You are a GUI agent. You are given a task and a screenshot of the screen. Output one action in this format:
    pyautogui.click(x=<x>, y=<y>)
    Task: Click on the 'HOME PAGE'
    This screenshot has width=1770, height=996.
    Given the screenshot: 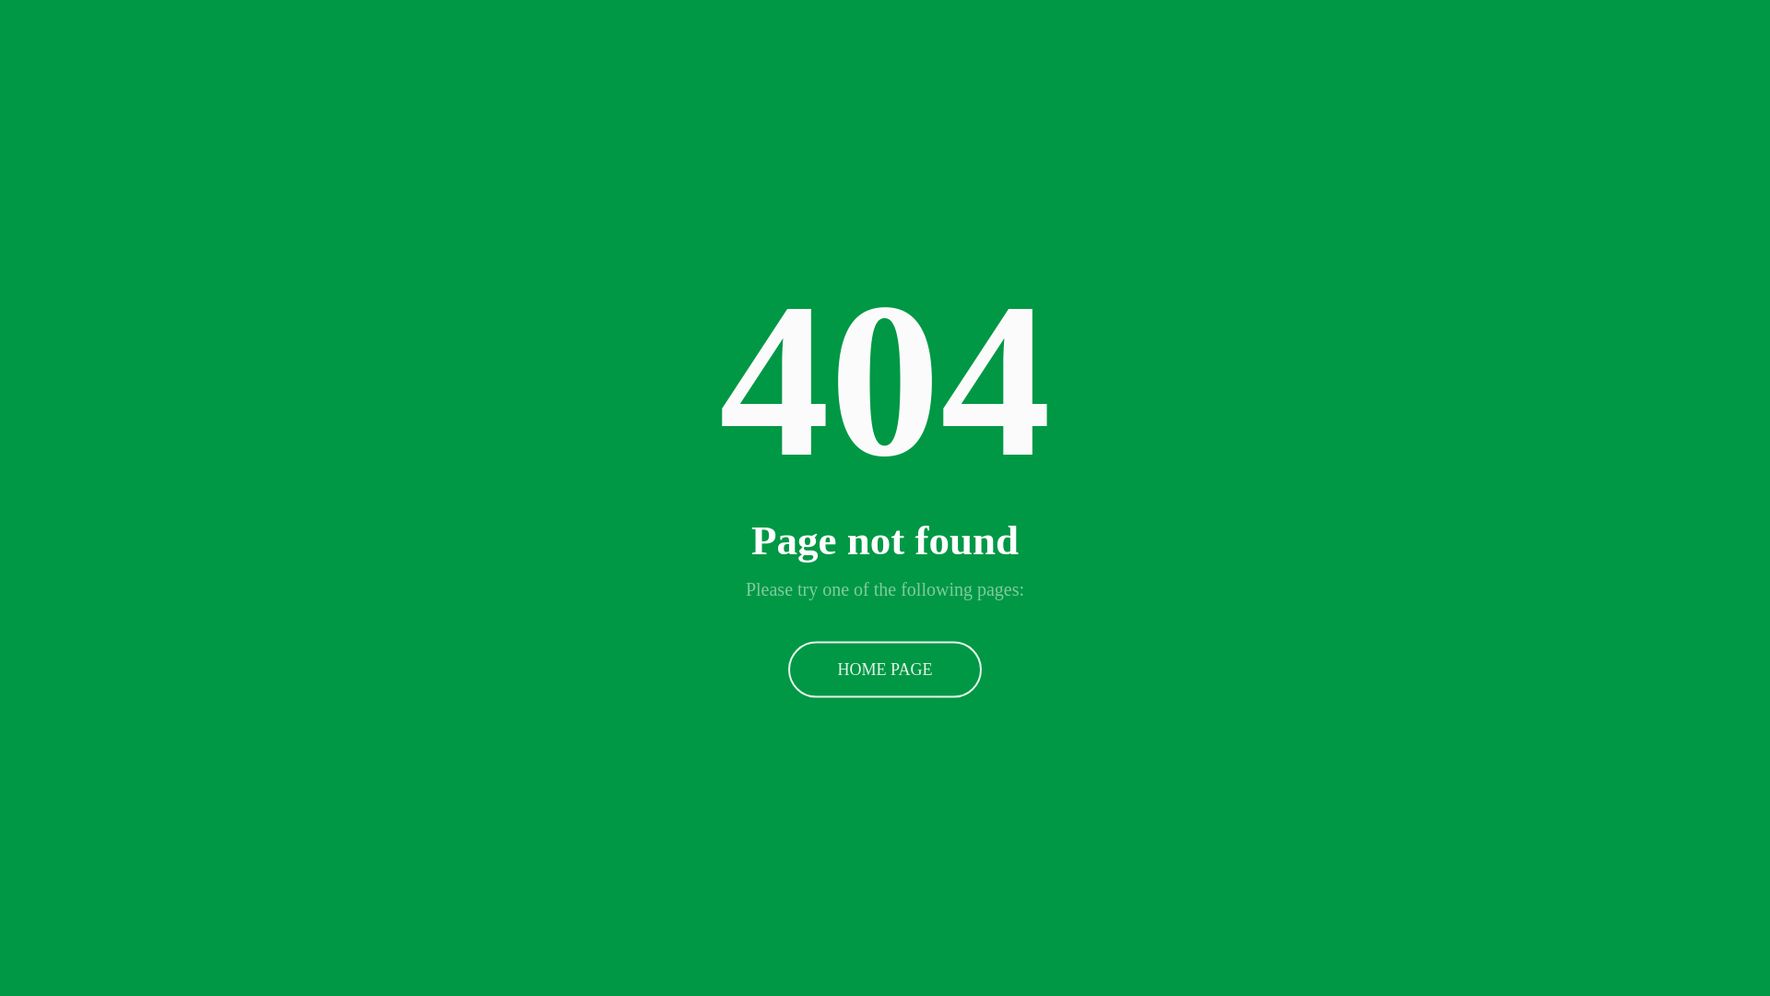 What is the action you would take?
    pyautogui.click(x=885, y=669)
    